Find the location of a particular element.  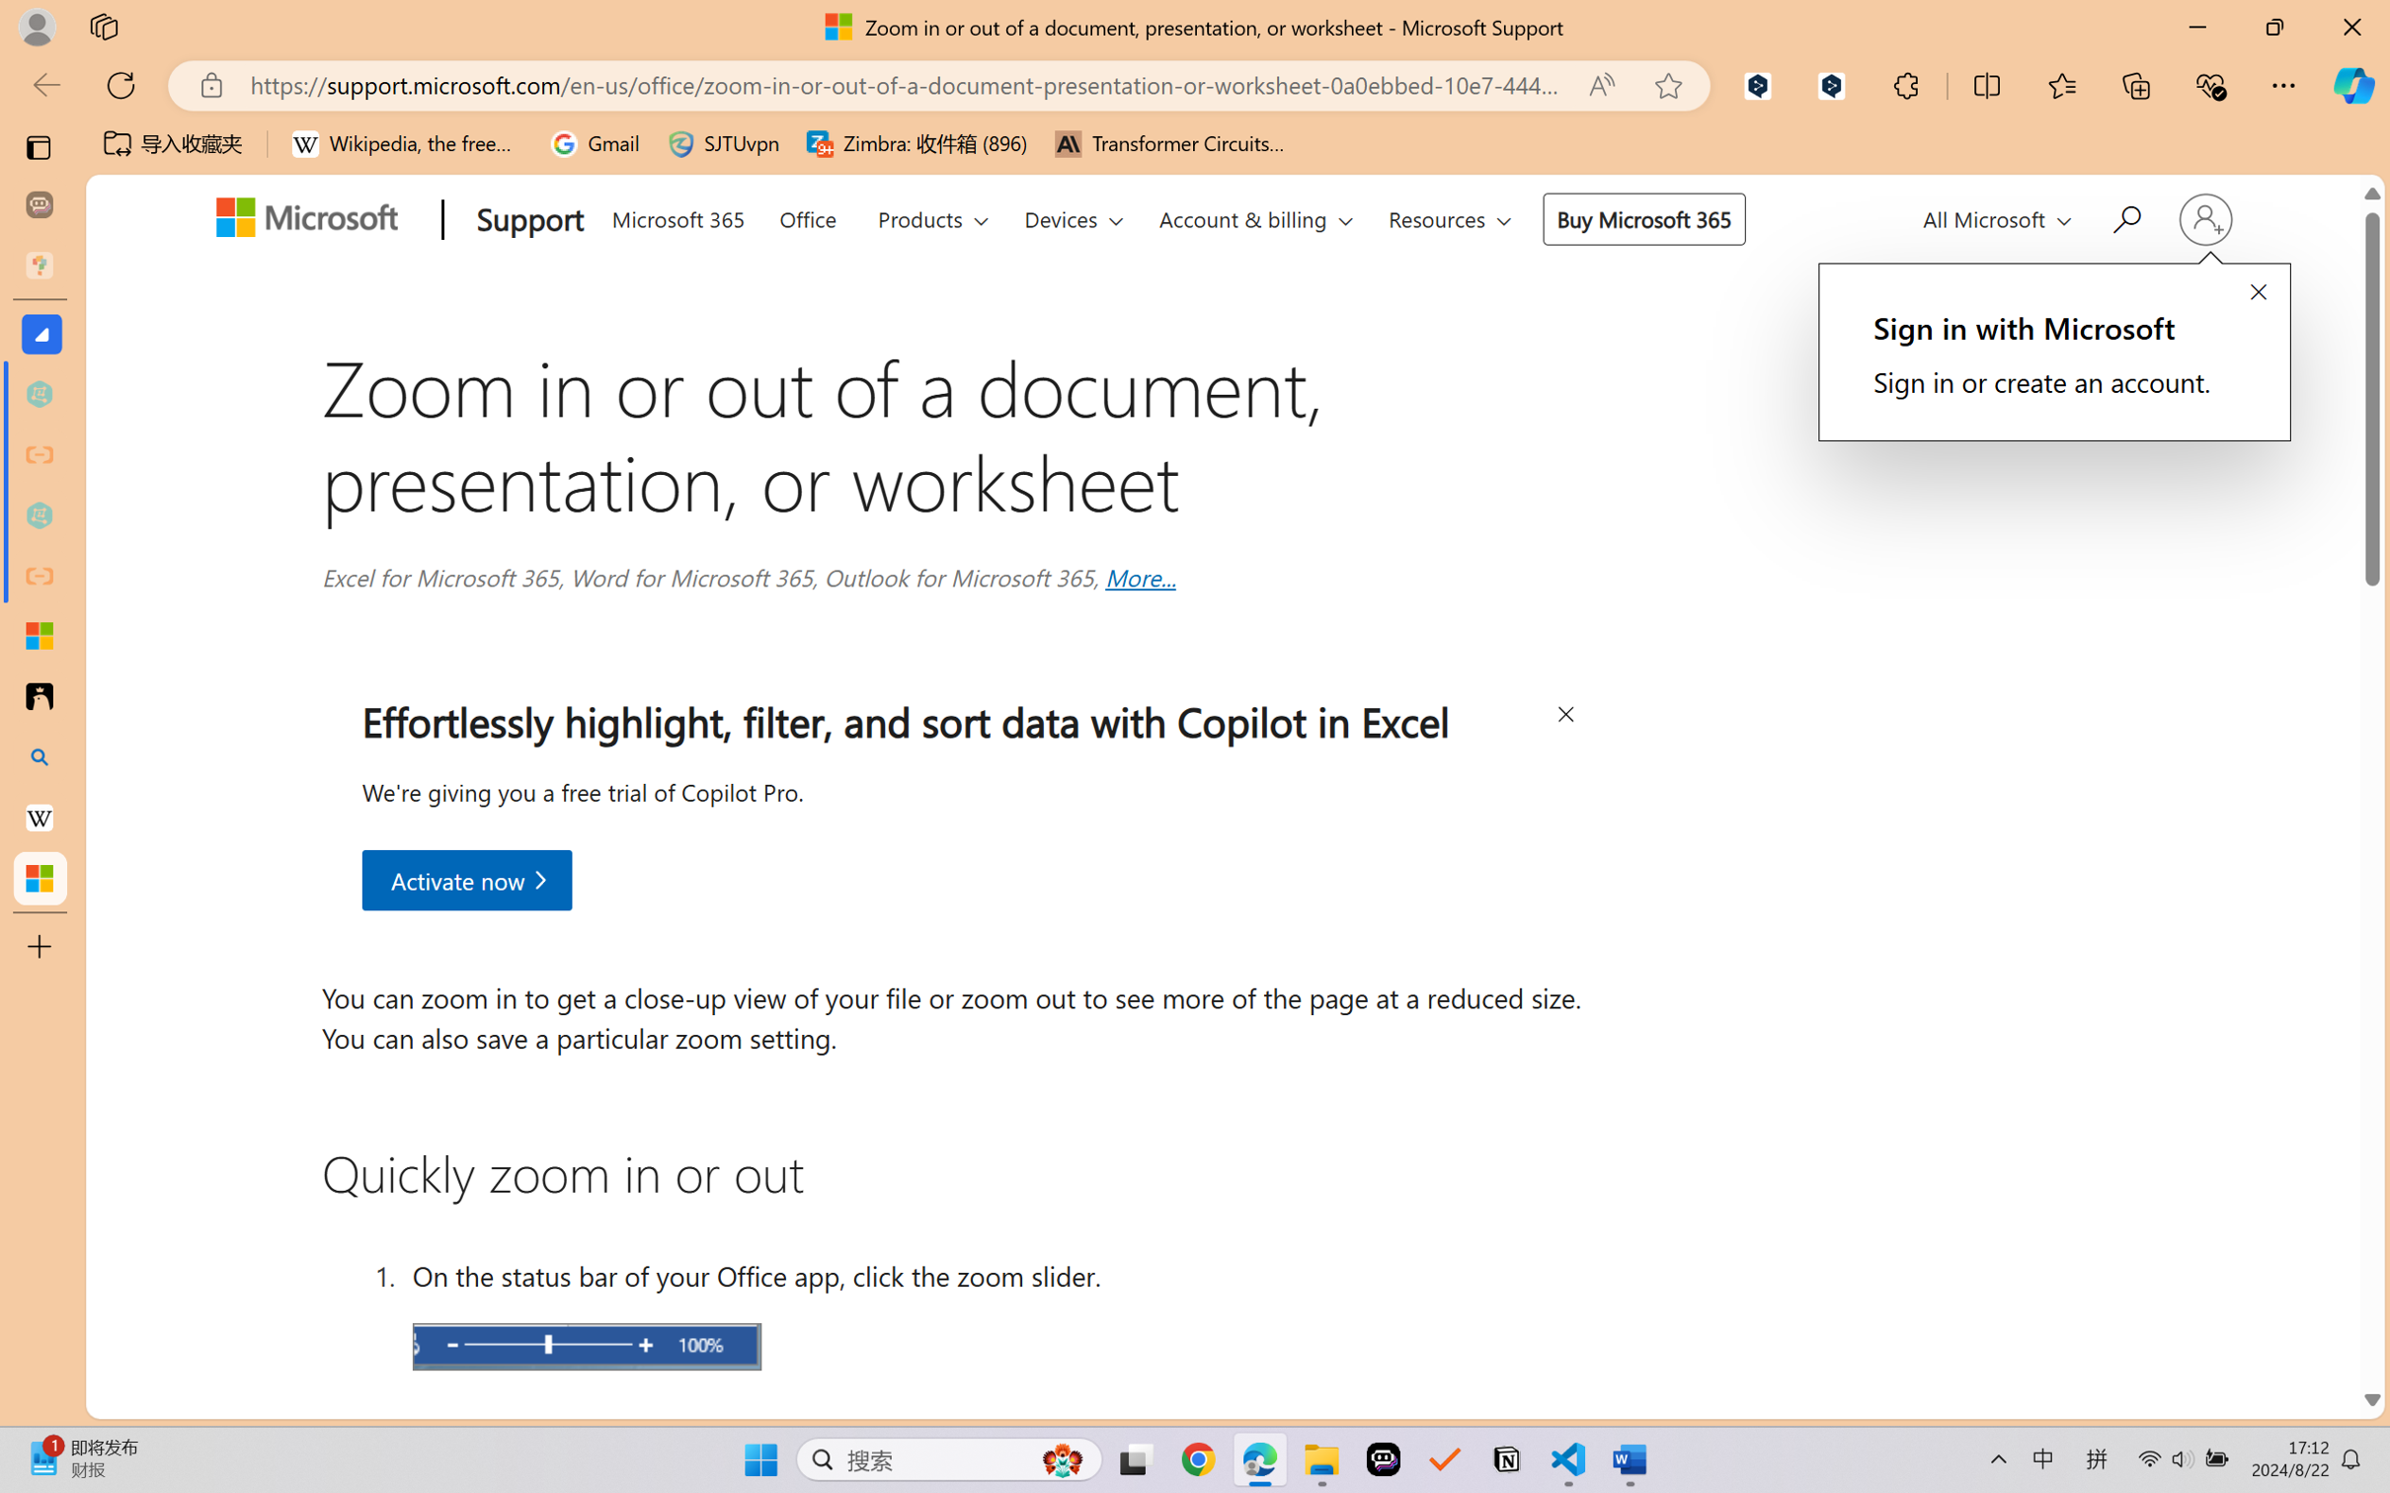

'Buy Microsoft 365' is located at coordinates (1643, 218).